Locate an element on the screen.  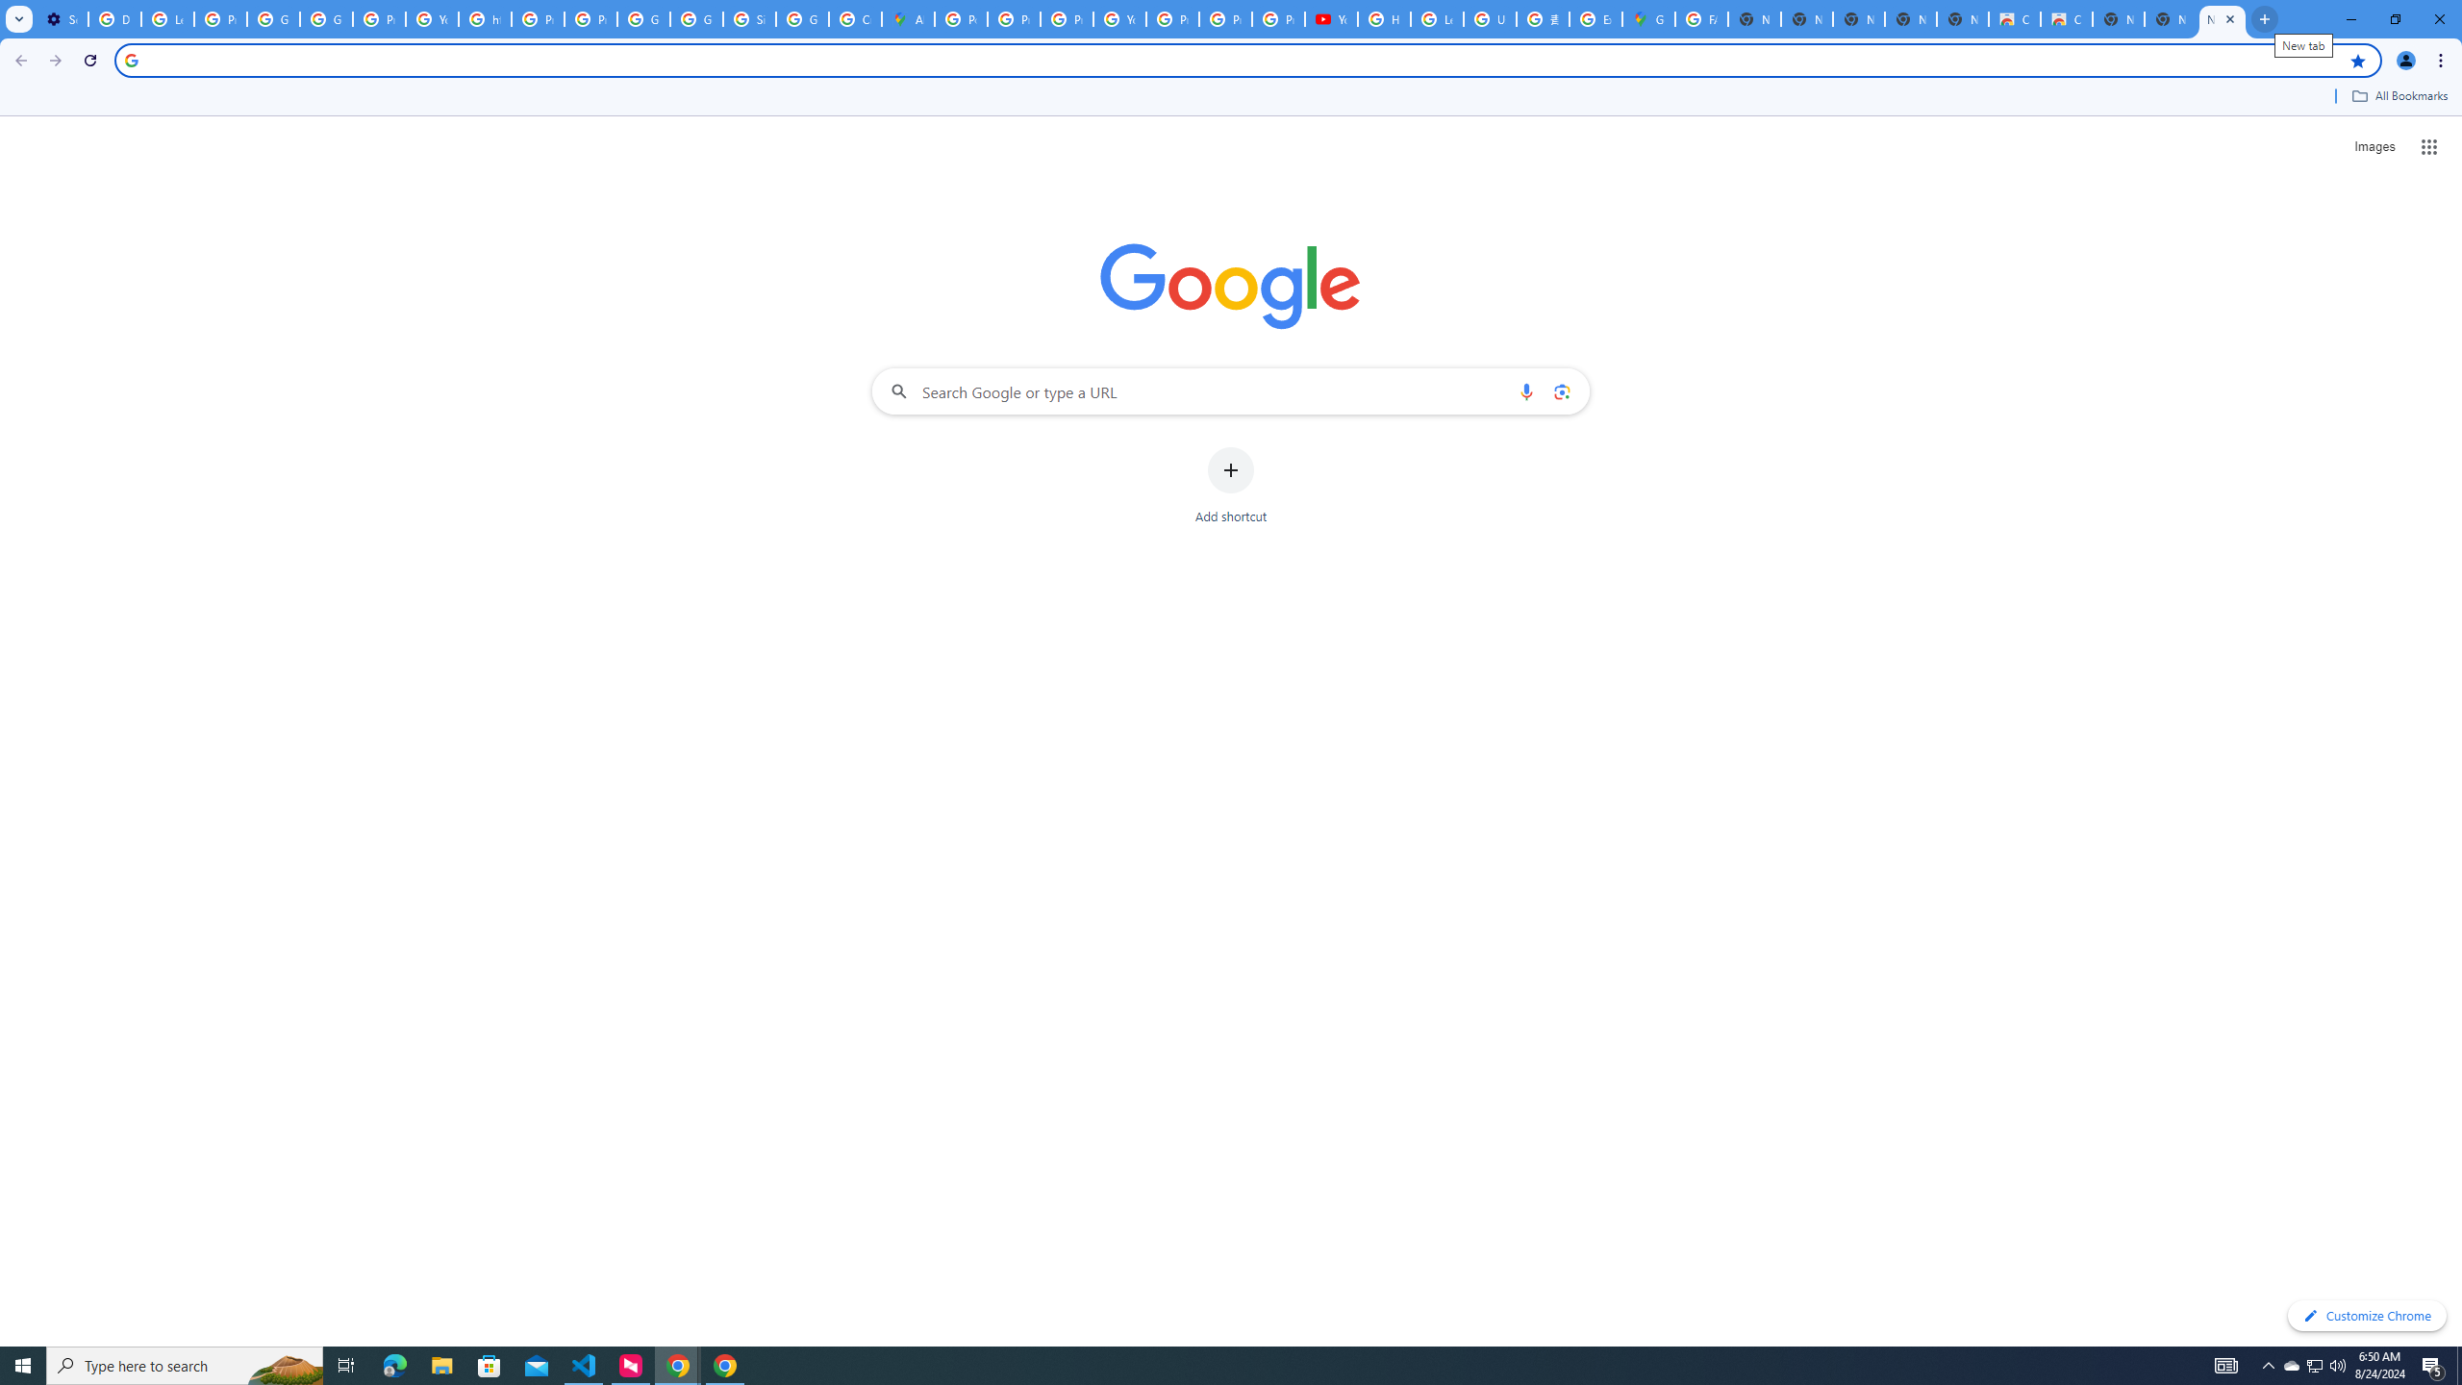
'Google Maps' is located at coordinates (1646, 18).